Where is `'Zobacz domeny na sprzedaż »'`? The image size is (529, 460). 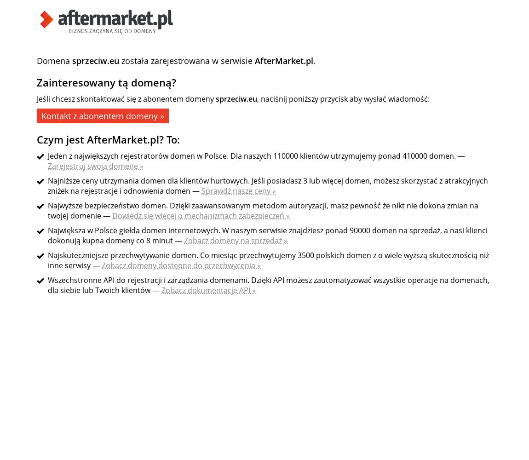
'Zobacz domeny na sprzedaż »' is located at coordinates (236, 241).